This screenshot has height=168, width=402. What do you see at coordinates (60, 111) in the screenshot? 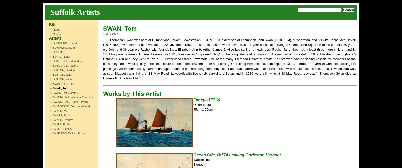
I see `'SYKES, Ivy'` at bounding box center [60, 111].